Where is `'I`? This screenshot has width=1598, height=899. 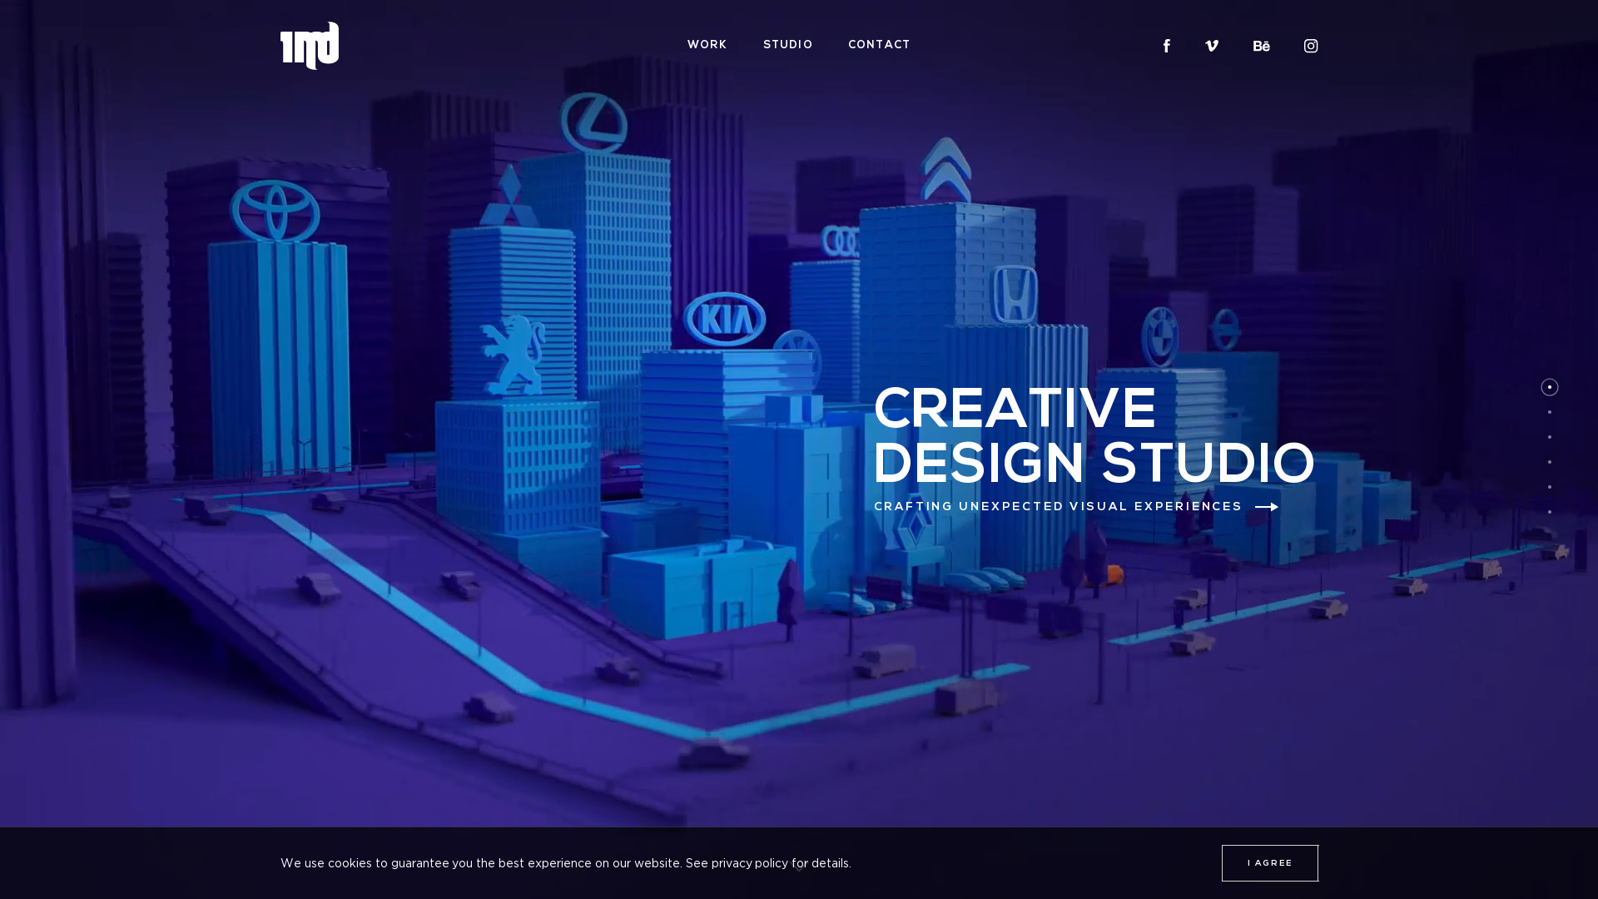
'I is located at coordinates (1268, 862).